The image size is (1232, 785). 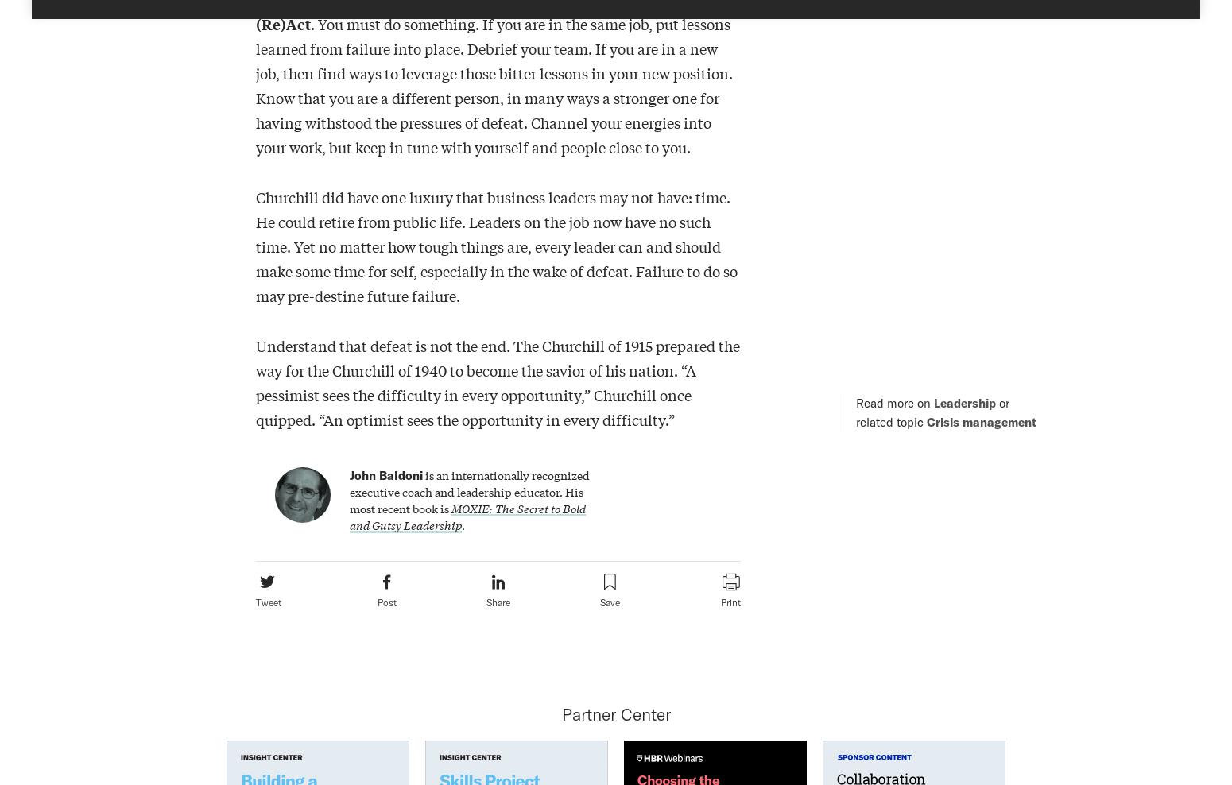 I want to click on 'Churchill did have one luxury that business leaders may not have: time. He could retire from public life. Leaders on the job now have no such time. Yet no matter how tough things are, every leader can and should make some time for self, especially in the wake of defeat. Failure to do so may pre-destine future failure.', so click(x=254, y=246).